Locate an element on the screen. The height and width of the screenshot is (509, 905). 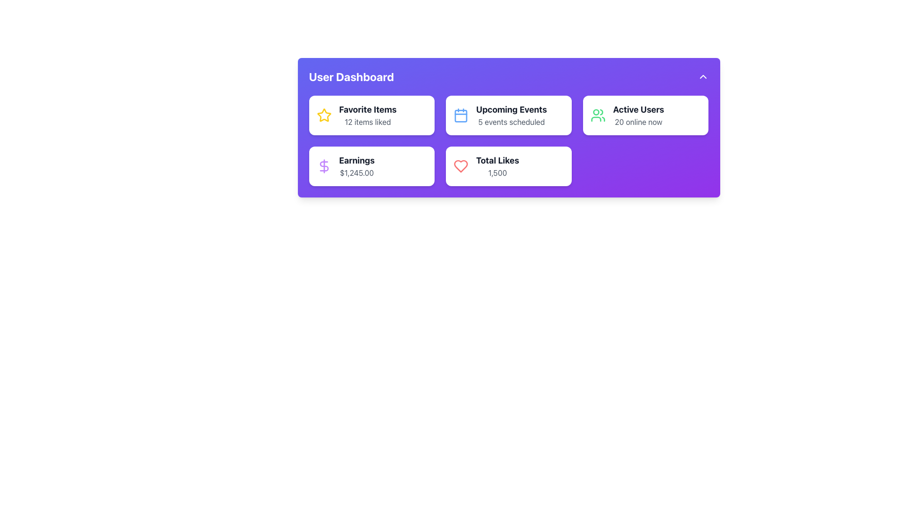
the text displaying the total number of likes, located within the 'Total Likes' card, positioned in the bottom row and second column of the dashboard layout is located at coordinates (497, 172).